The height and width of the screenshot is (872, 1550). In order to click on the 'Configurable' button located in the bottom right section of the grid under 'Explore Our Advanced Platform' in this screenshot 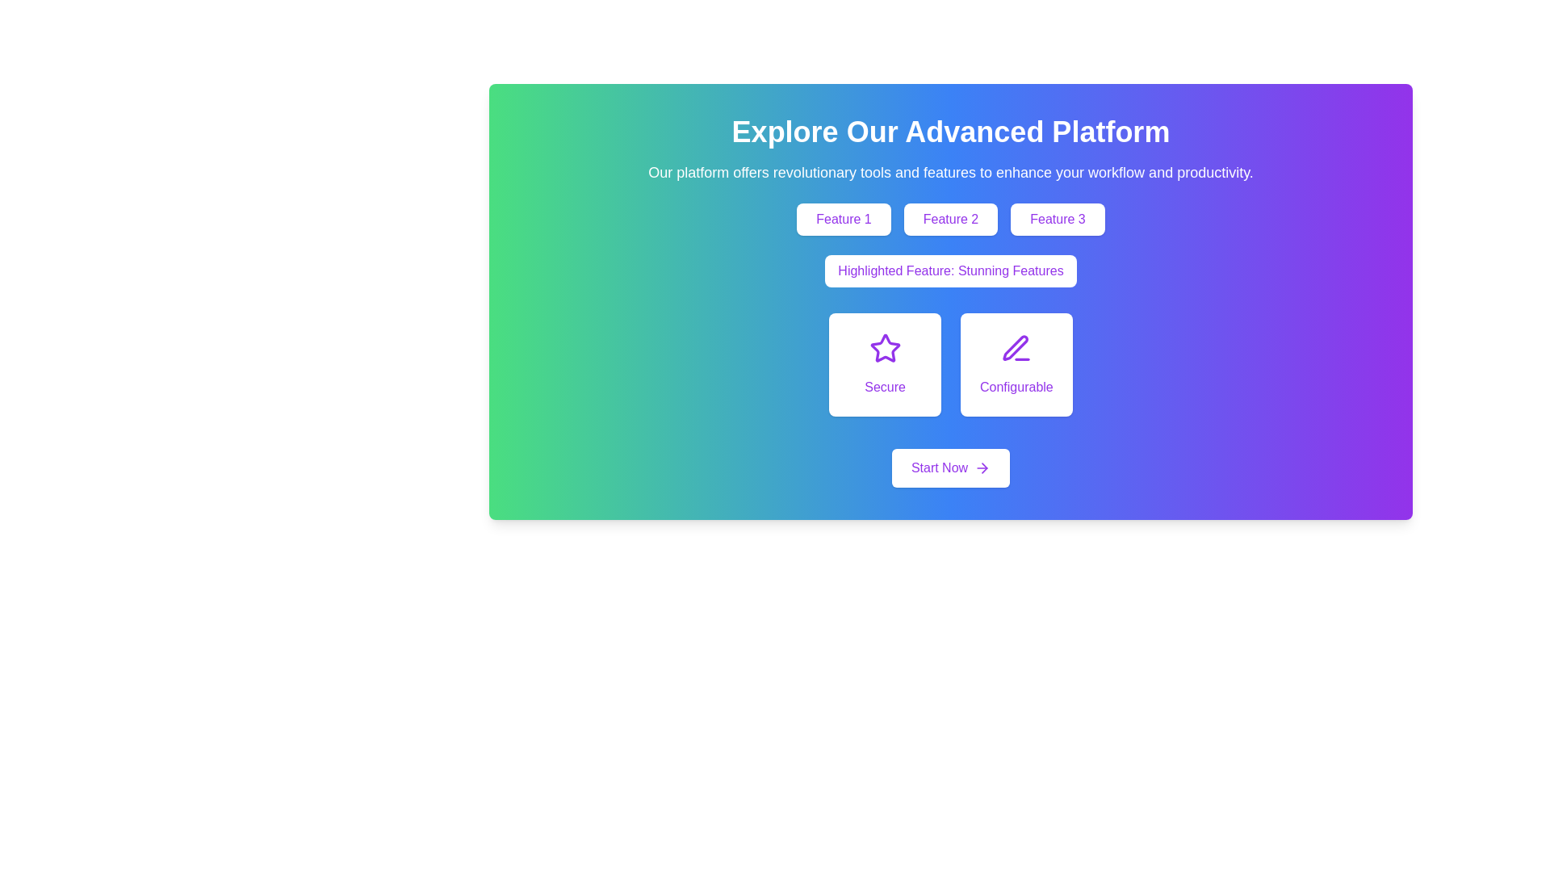, I will do `click(1015, 364)`.